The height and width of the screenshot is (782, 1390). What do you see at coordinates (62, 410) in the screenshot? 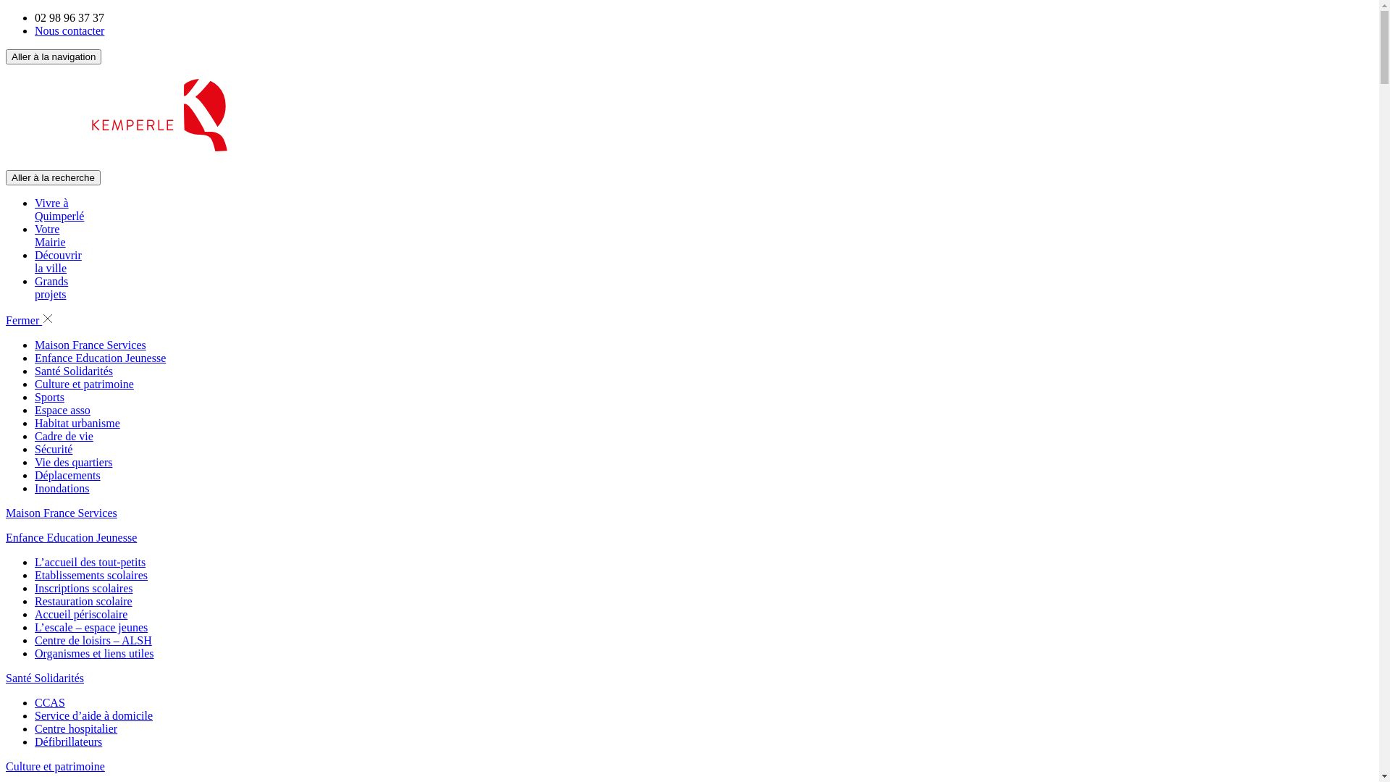
I see `'Espace asso'` at bounding box center [62, 410].